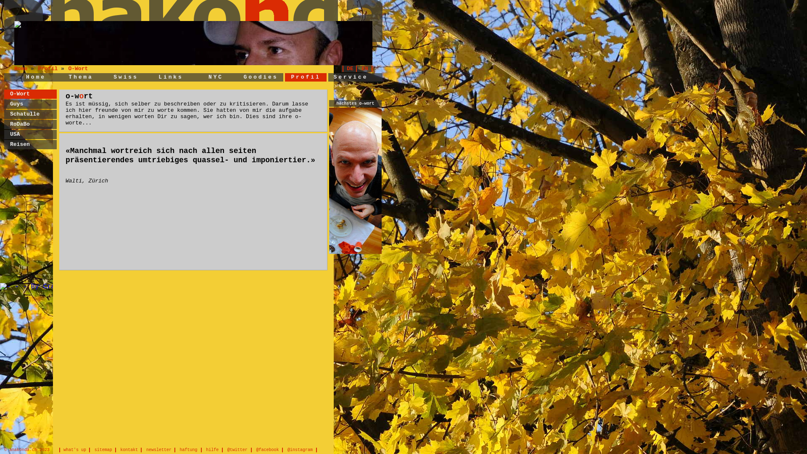 Image resolution: width=807 pixels, height=454 pixels. Describe the element at coordinates (367, 68) in the screenshot. I see `'EN'` at that location.